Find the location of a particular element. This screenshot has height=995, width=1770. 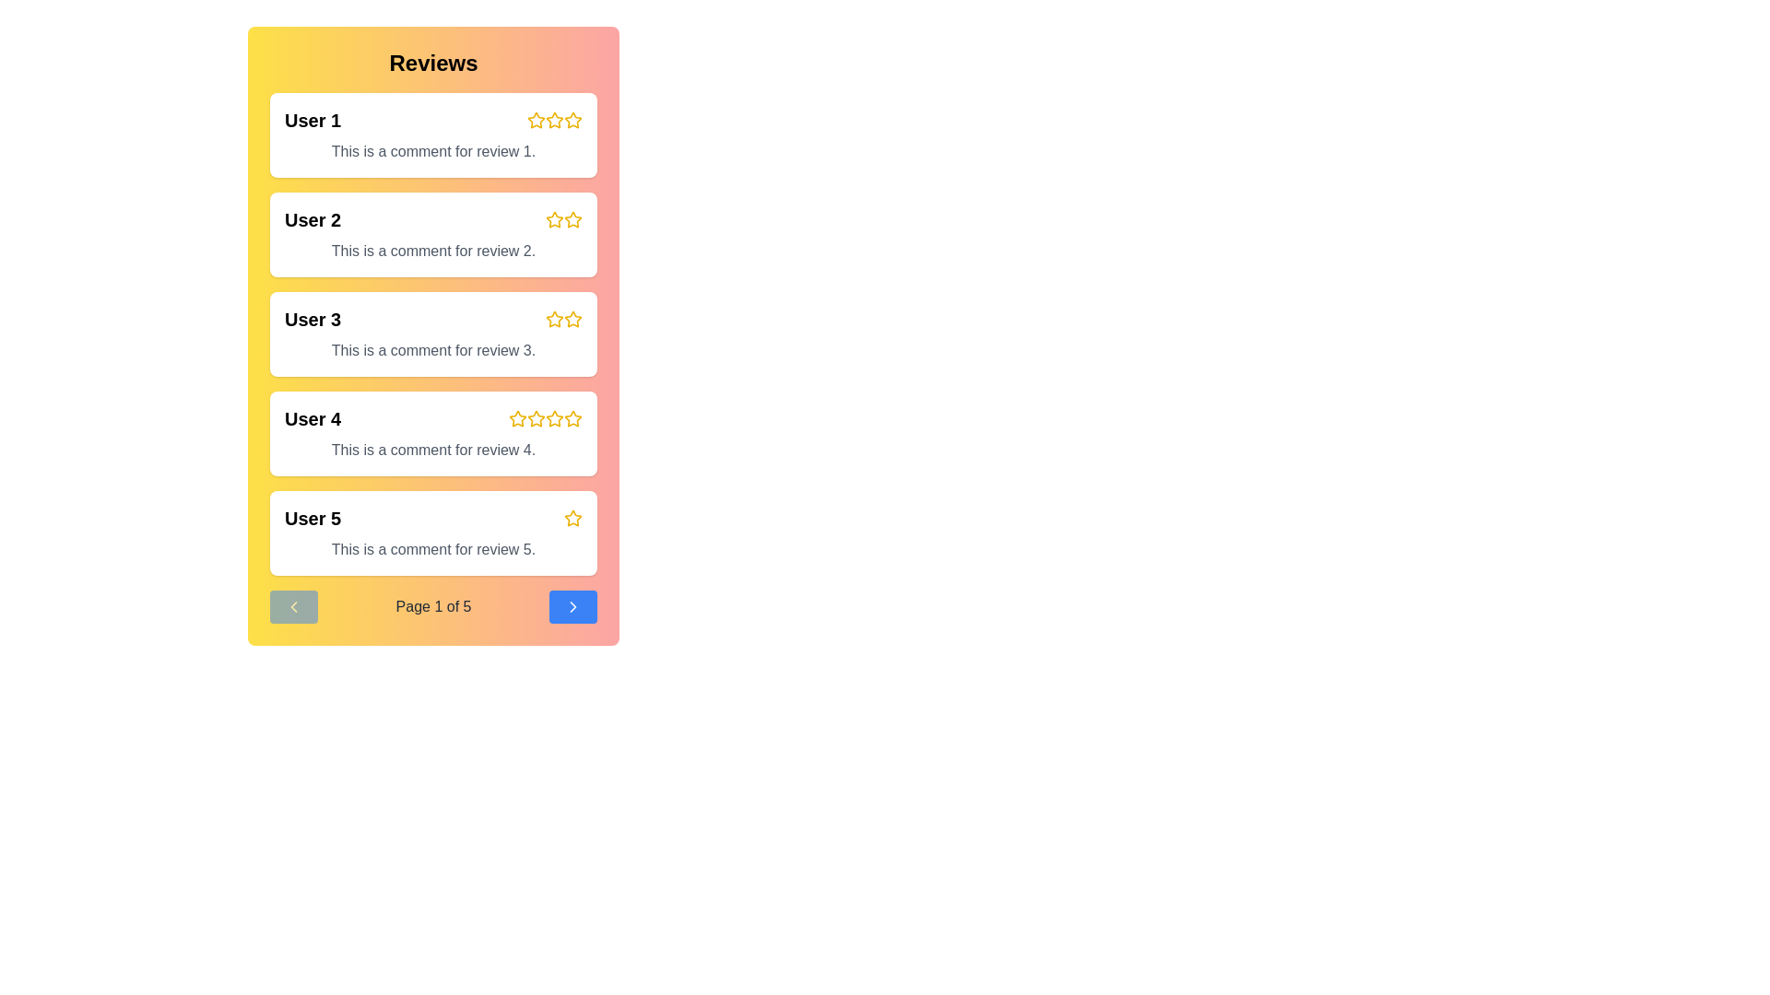

the static text label displaying 'This is a comment for review 2.' which is positioned below the username and rating stars for 'User 2.' is located at coordinates (432, 252).